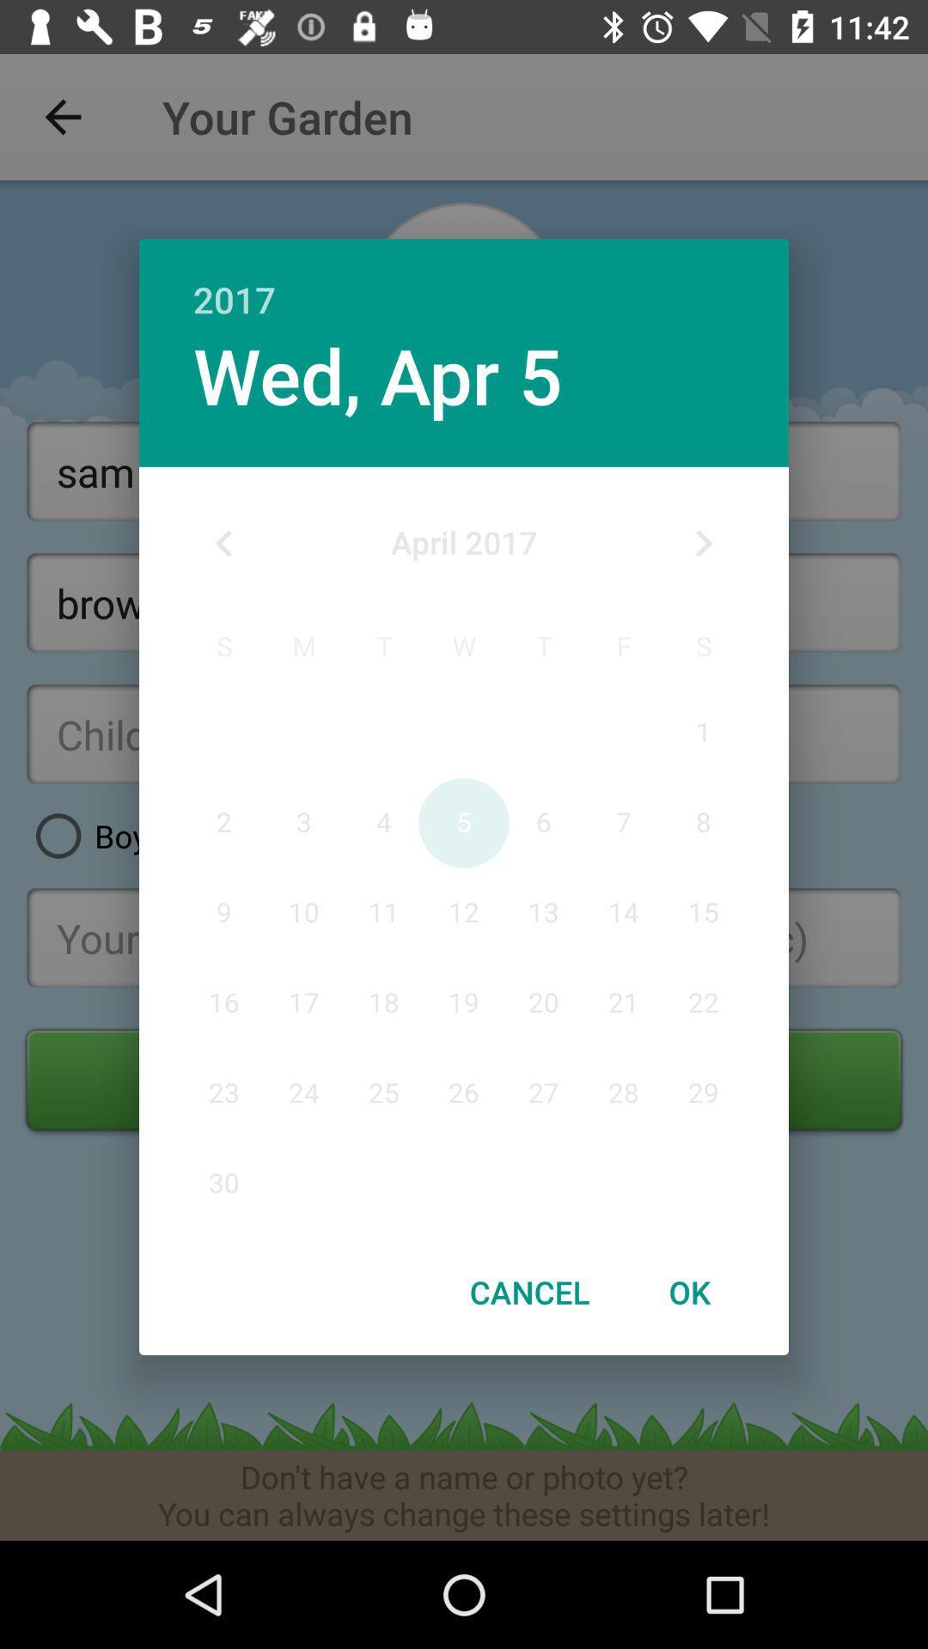  I want to click on the item above the ok item, so click(703, 543).